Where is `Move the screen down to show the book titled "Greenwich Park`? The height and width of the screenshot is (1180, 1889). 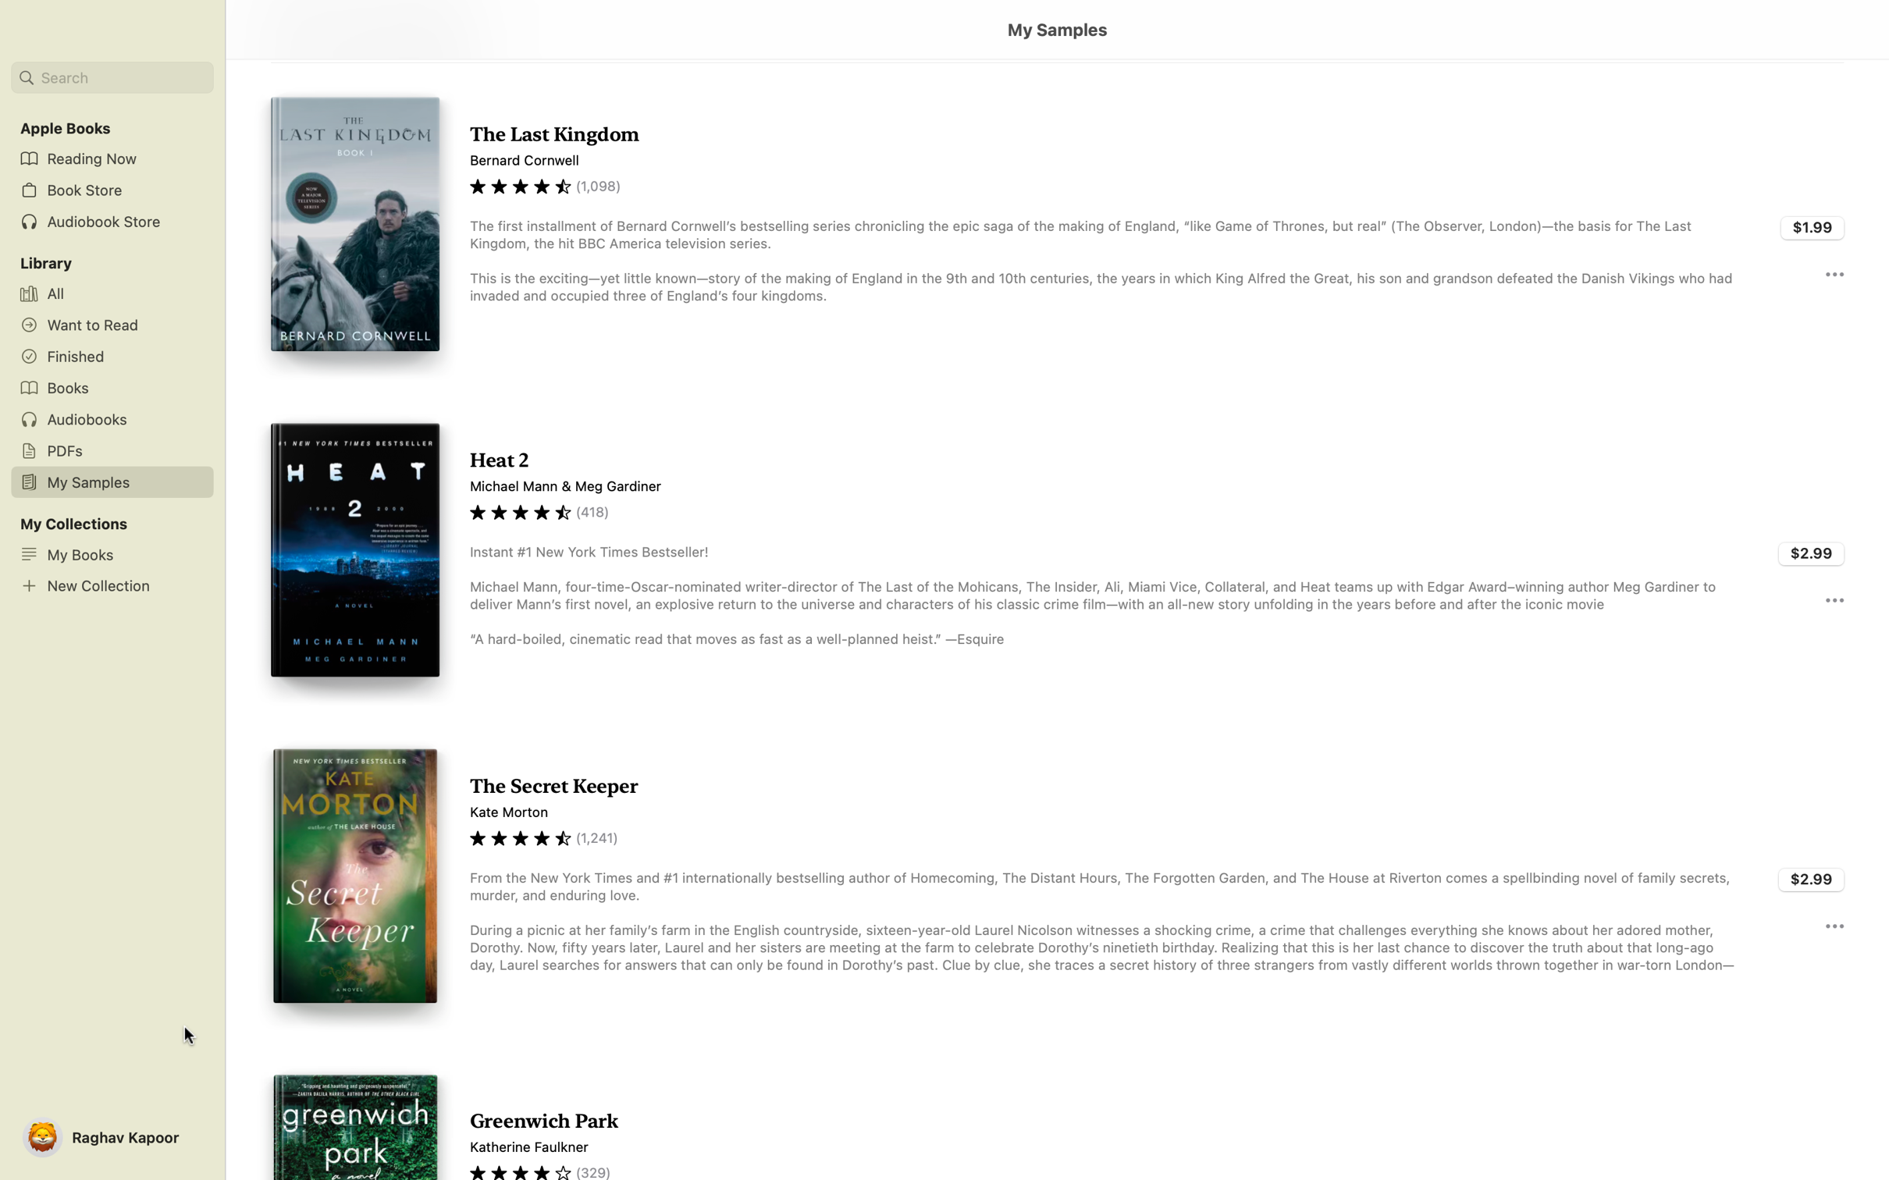 Move the screen down to show the book titled "Greenwich Park is located at coordinates (3552264, 1301540).